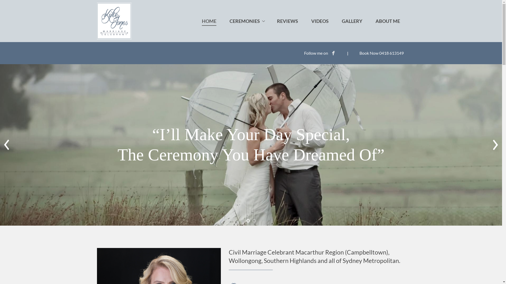  Describe the element at coordinates (246, 21) in the screenshot. I see `'CEREMONIES'` at that location.